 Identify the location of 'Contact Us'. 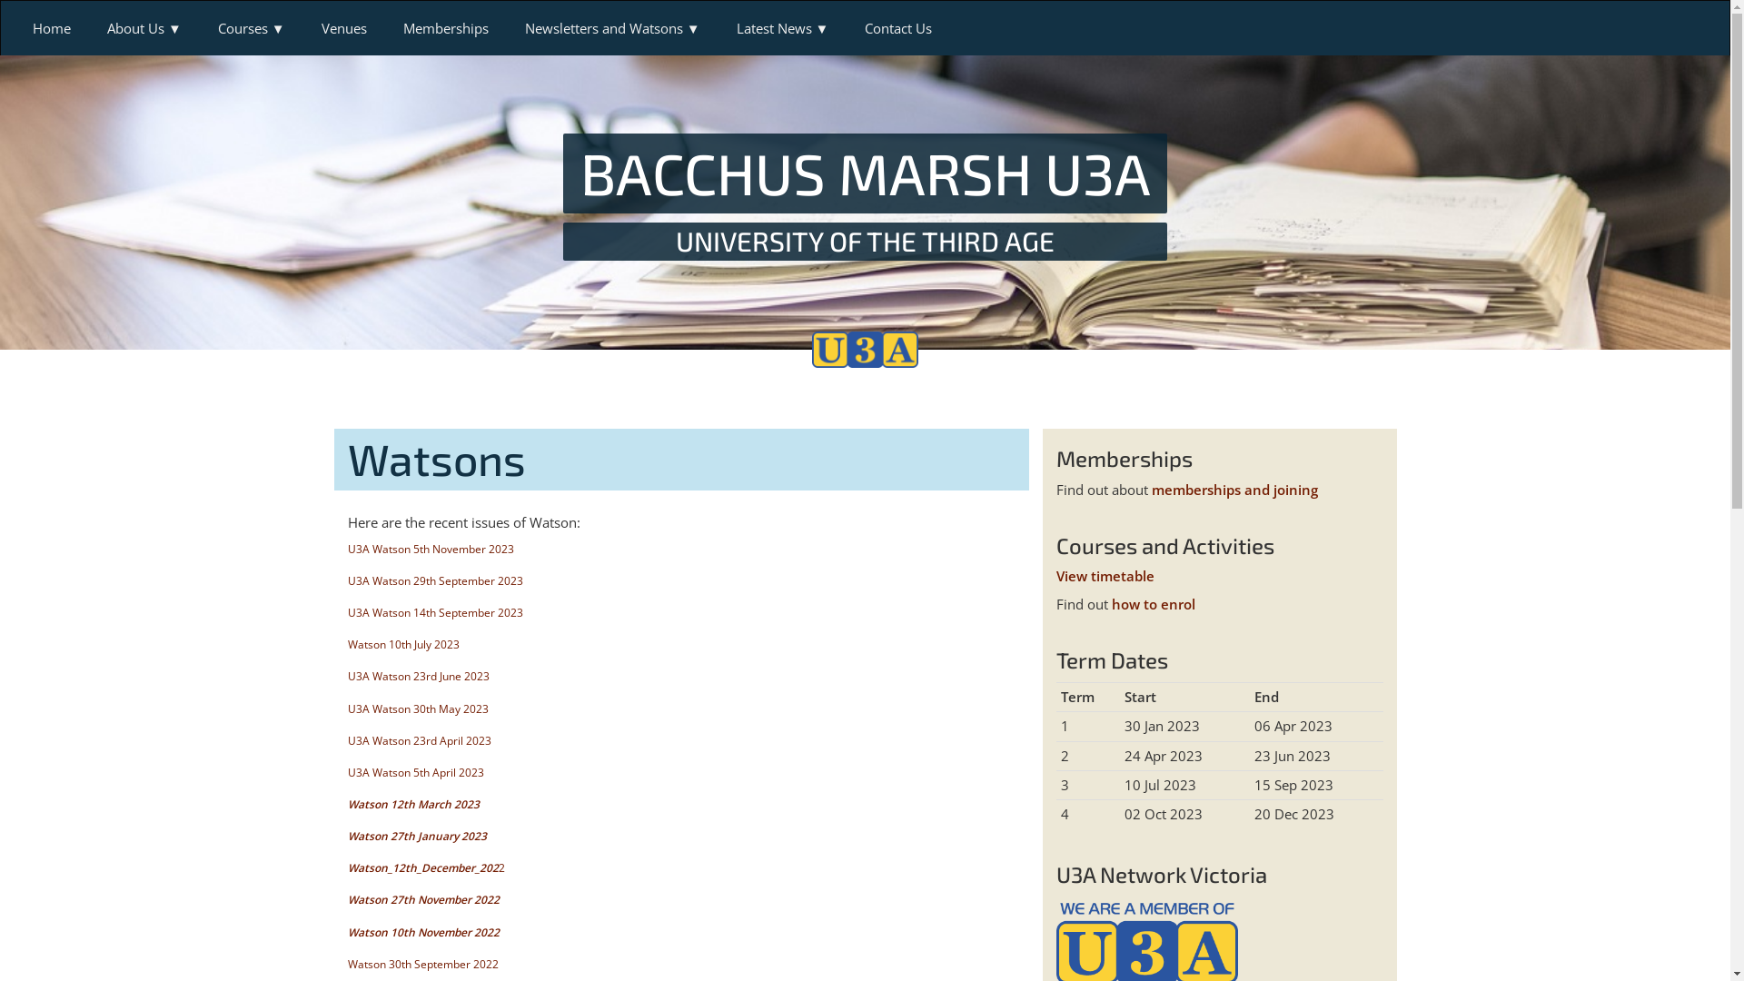
(897, 27).